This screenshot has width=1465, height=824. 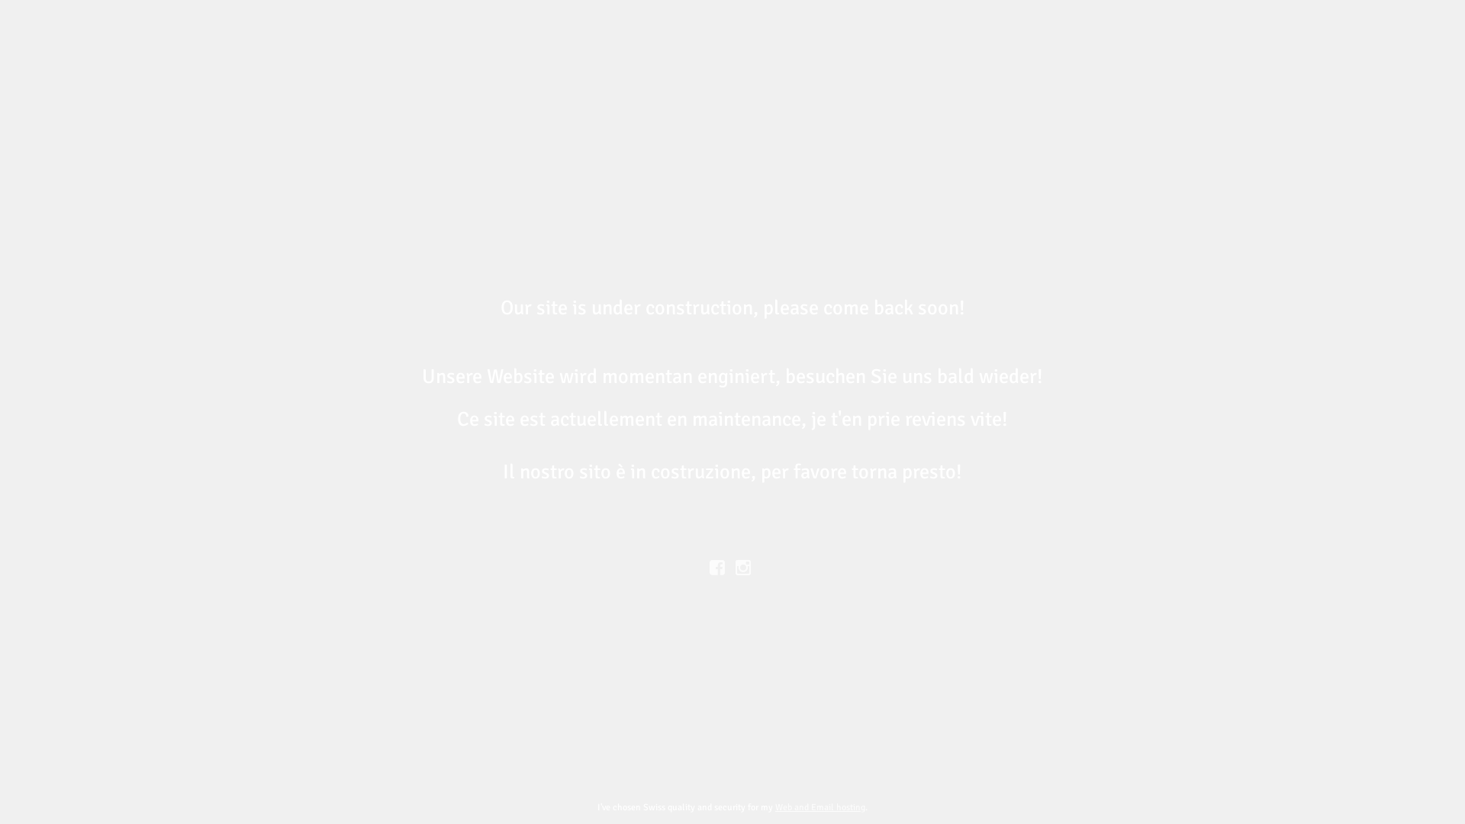 What do you see at coordinates (819, 806) in the screenshot?
I see `'Web and Email hosting'` at bounding box center [819, 806].